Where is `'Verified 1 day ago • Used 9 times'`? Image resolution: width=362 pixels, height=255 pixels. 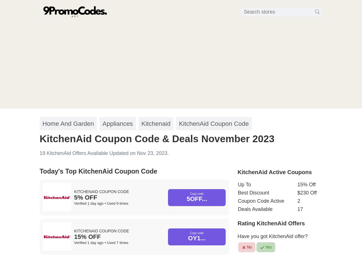
'Verified 1 day ago • Used 9 times' is located at coordinates (101, 203).